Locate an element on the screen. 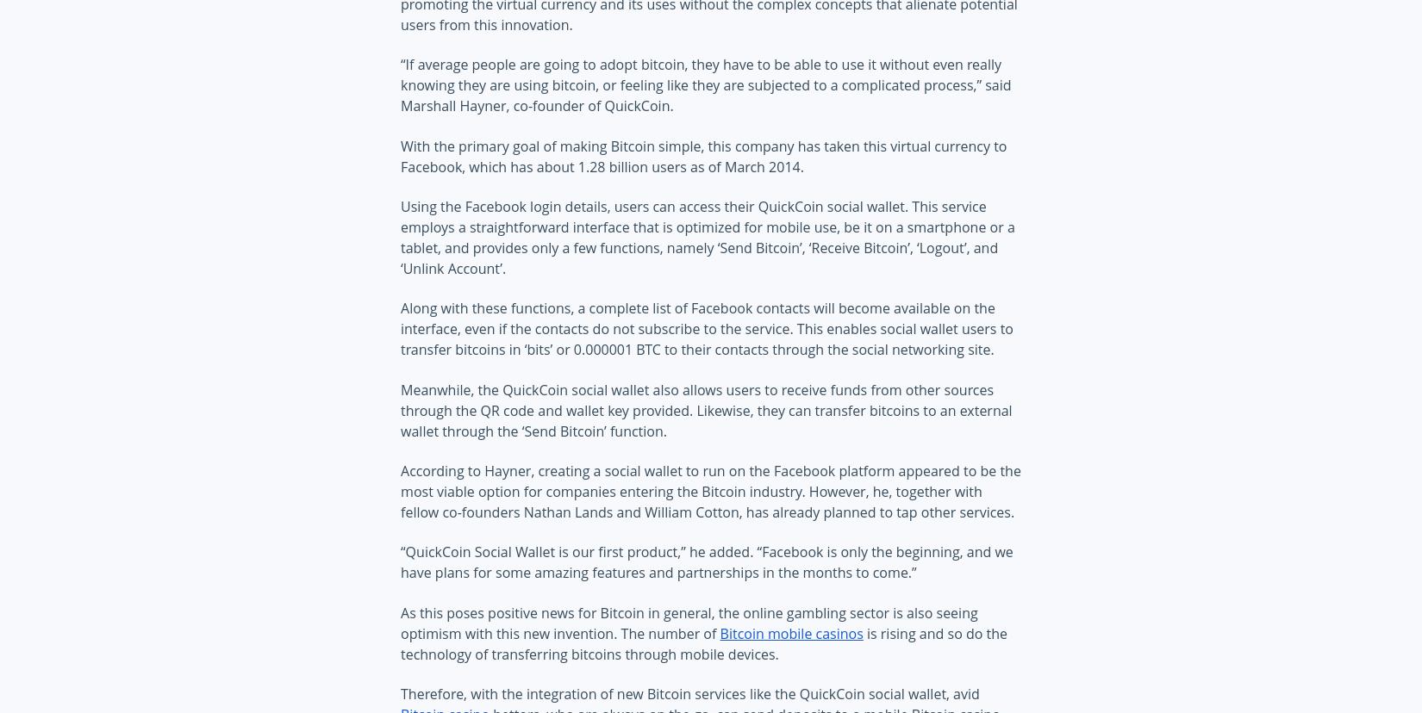 This screenshot has width=1422, height=713. 'As this poses positive news for Bitcoin in general, the online gambling sector is also seeing optimism with this new invention. The number of' is located at coordinates (688, 623).